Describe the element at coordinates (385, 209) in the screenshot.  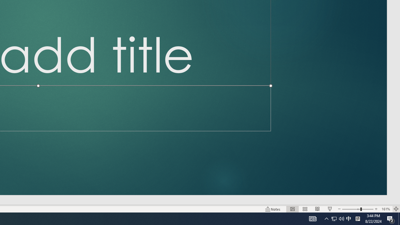
I see `'Zoom 161%'` at that location.